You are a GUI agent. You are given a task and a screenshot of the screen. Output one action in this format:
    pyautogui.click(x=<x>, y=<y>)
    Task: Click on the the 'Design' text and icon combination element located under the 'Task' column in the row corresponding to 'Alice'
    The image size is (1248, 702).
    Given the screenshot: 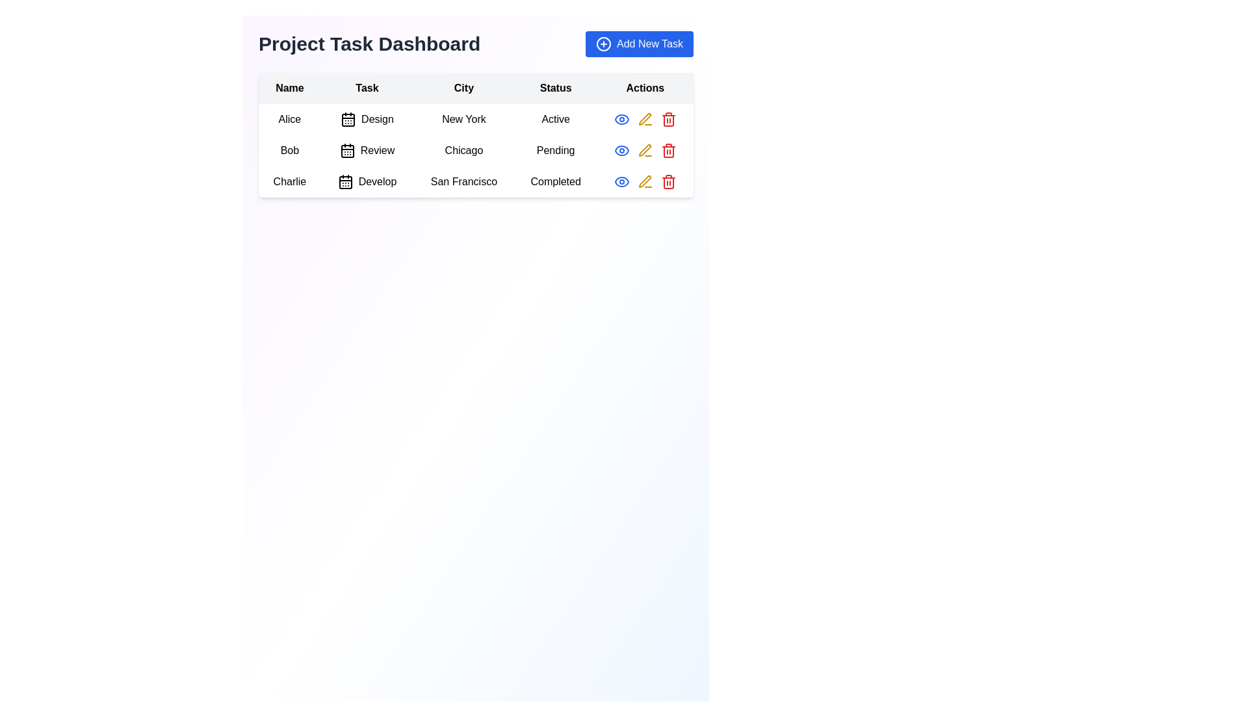 What is the action you would take?
    pyautogui.click(x=367, y=120)
    